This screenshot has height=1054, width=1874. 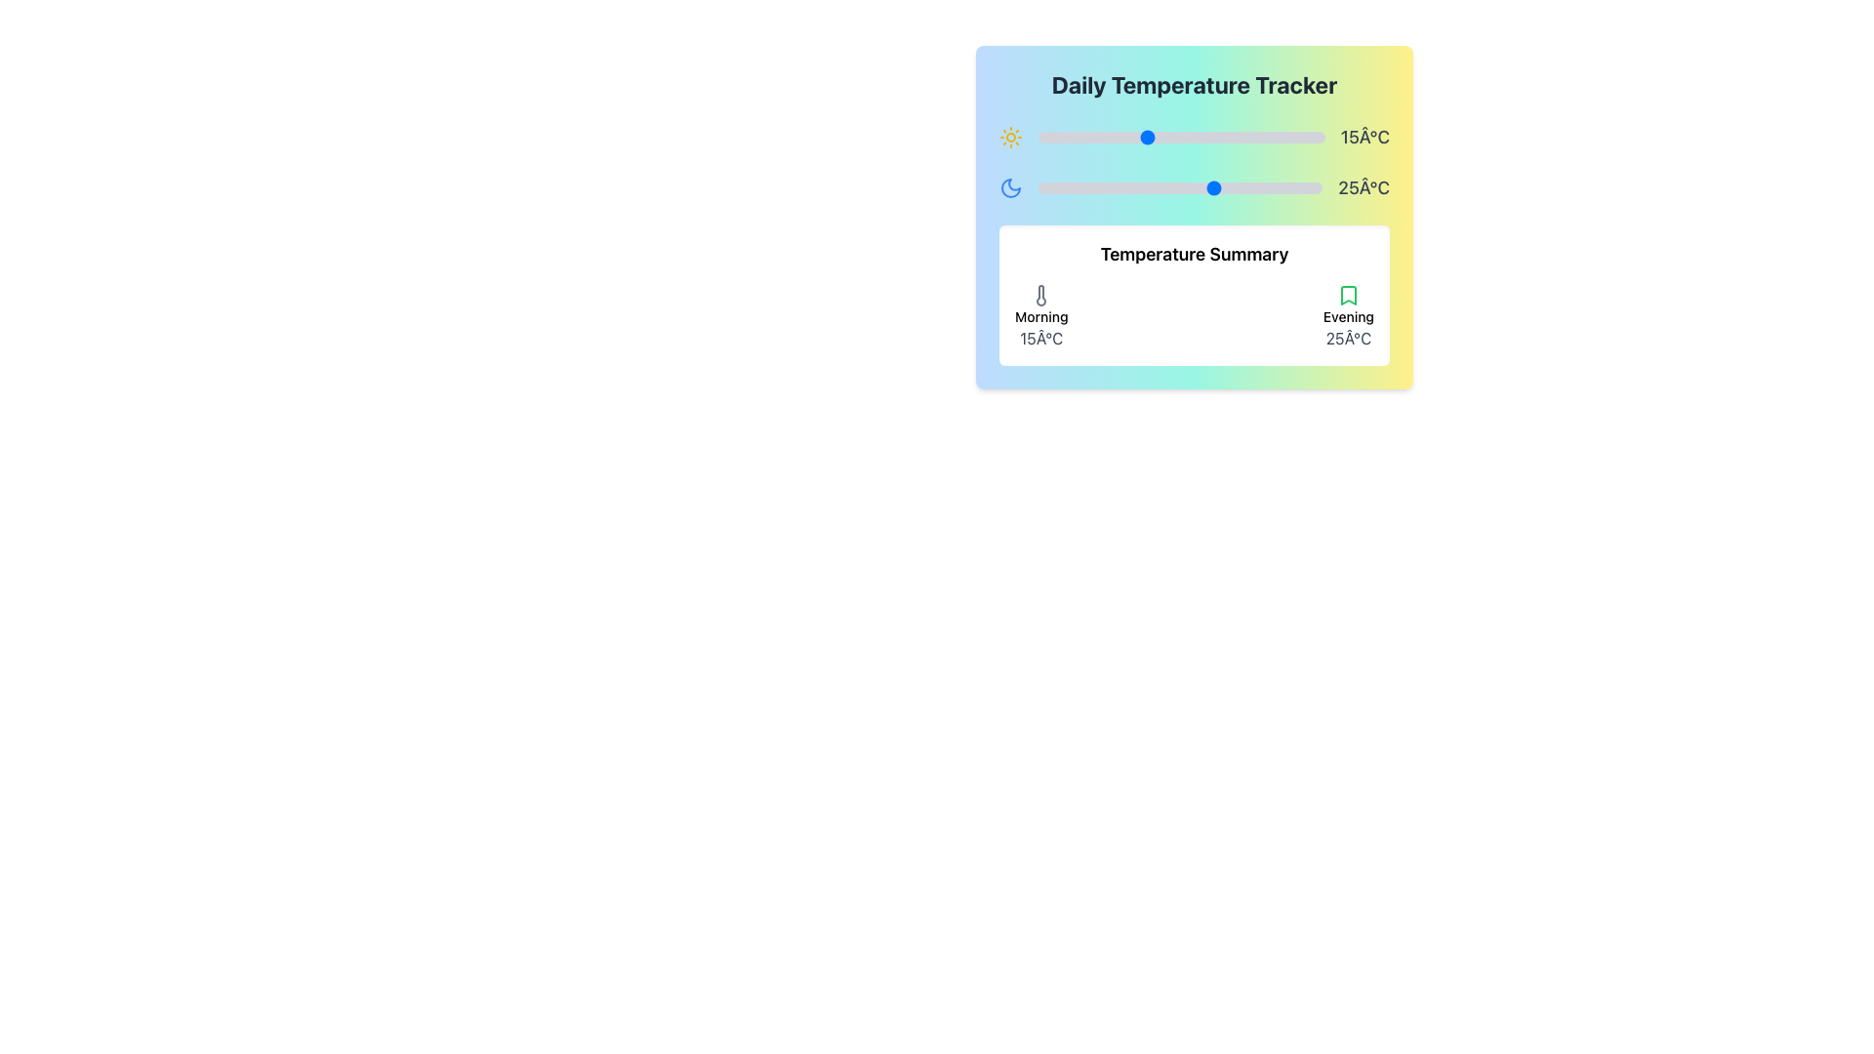 What do you see at coordinates (1011, 137) in the screenshot?
I see `the sun icon, which is yellow with a circular core and rays, located adjacent to the temperature text '15°C' in the weather tracker interface` at bounding box center [1011, 137].